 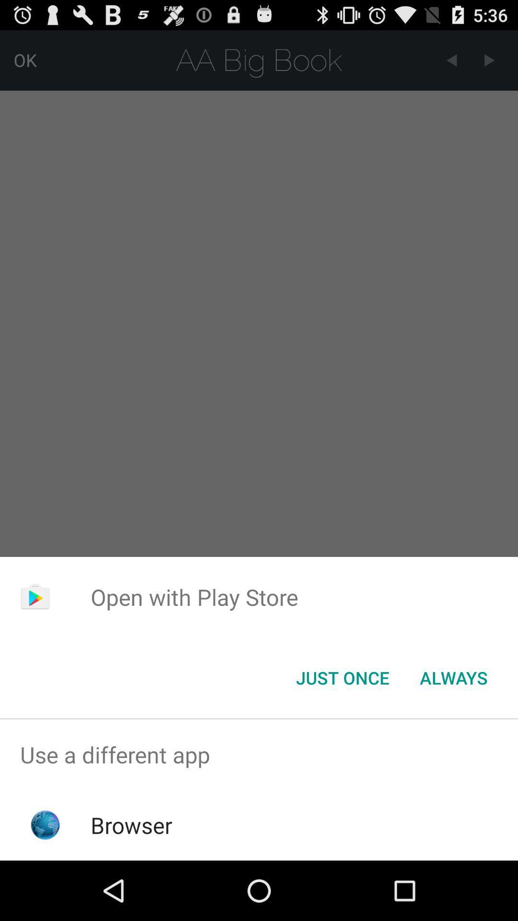 What do you see at coordinates (131, 825) in the screenshot?
I see `the browser` at bounding box center [131, 825].